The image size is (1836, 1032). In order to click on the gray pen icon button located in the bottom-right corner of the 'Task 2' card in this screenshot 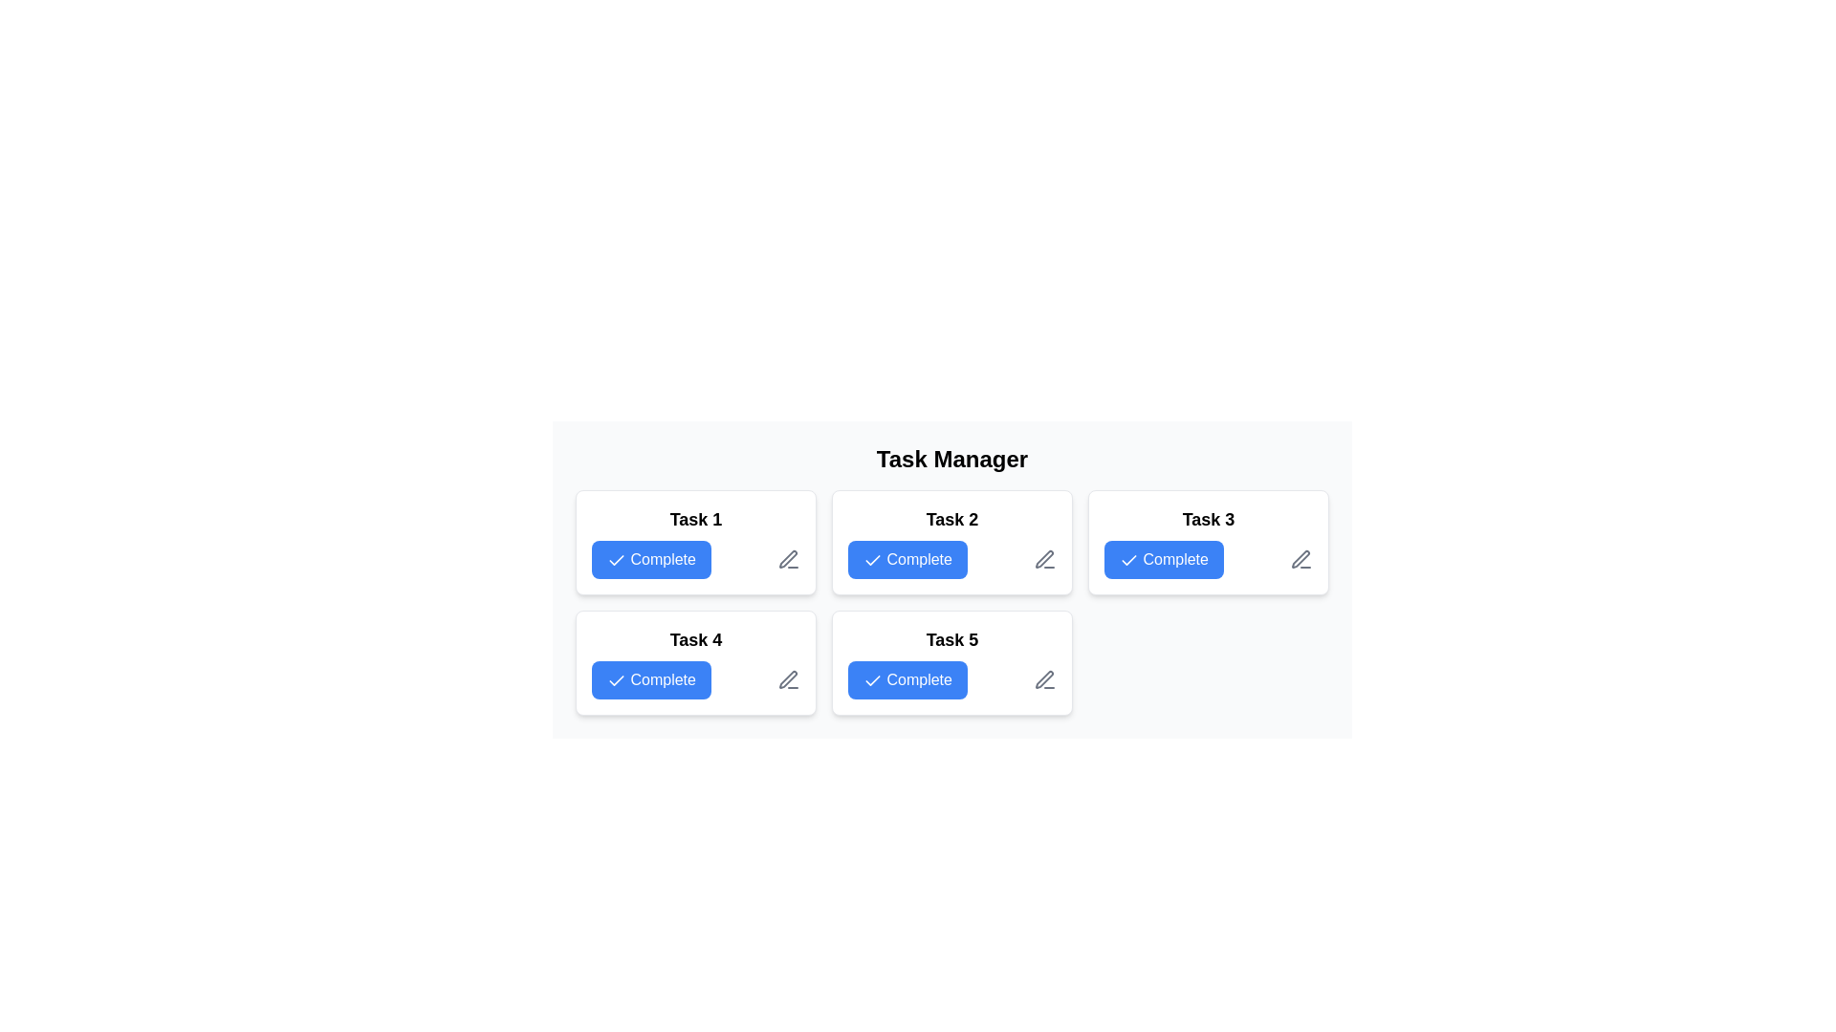, I will do `click(1044, 559)`.